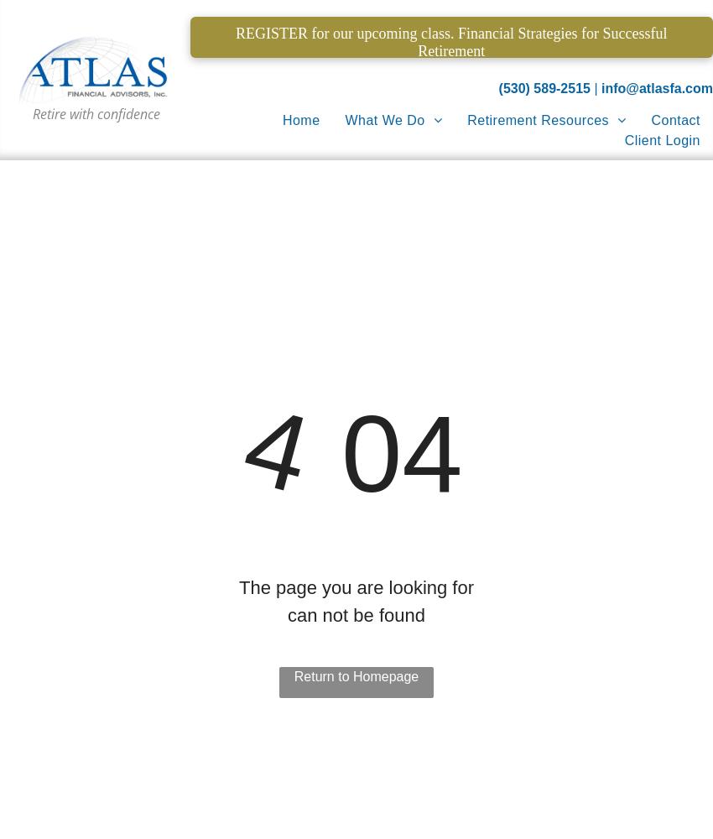 This screenshot has height=839, width=713. I want to click on 'info@atlasfa.com', so click(656, 87).